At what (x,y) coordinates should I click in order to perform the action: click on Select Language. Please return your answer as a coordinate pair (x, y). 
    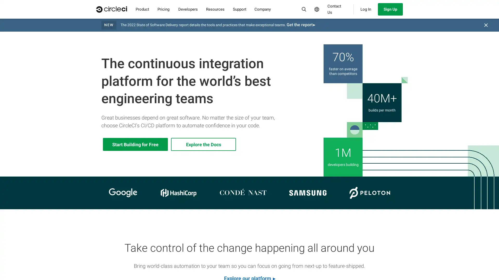
    Looking at the image, I should click on (317, 9).